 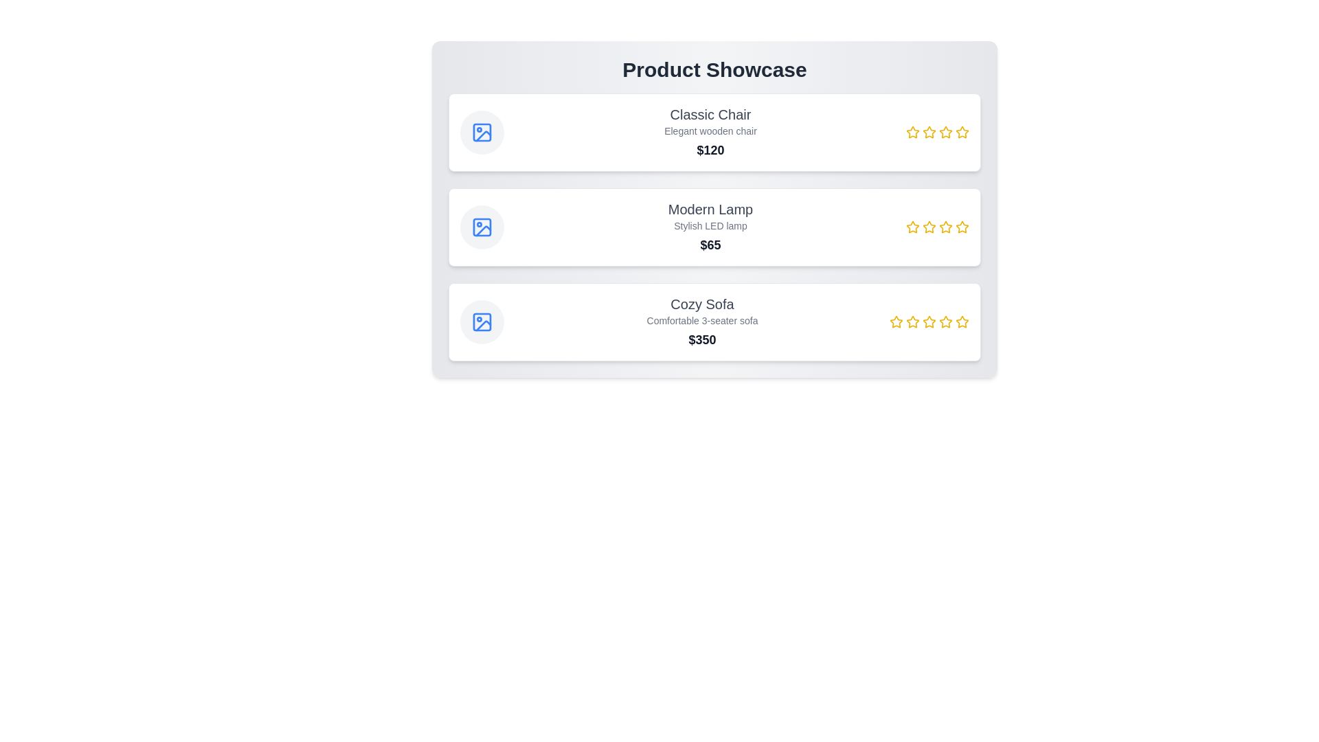 I want to click on the product container for Cozy Sofa, so click(x=714, y=322).